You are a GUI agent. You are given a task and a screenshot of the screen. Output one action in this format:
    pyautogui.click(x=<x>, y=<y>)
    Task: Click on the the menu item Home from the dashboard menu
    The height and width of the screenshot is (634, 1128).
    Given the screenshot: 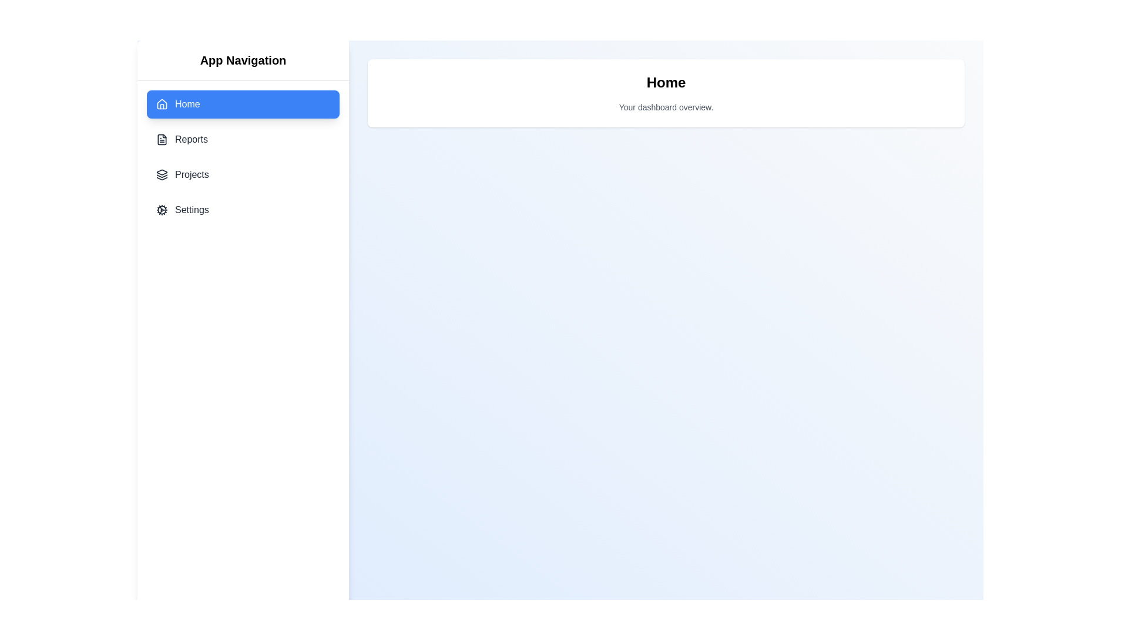 What is the action you would take?
    pyautogui.click(x=242, y=103)
    